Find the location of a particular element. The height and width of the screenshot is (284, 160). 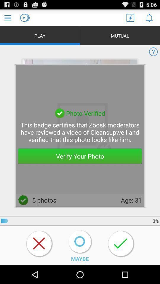

right at left side of the 5 photos is located at coordinates (23, 200).